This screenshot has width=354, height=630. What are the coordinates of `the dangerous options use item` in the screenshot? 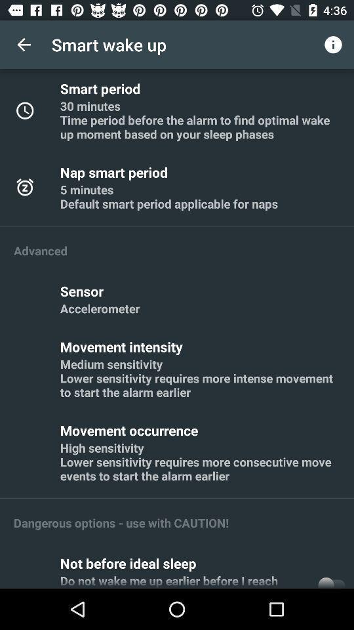 It's located at (121, 522).